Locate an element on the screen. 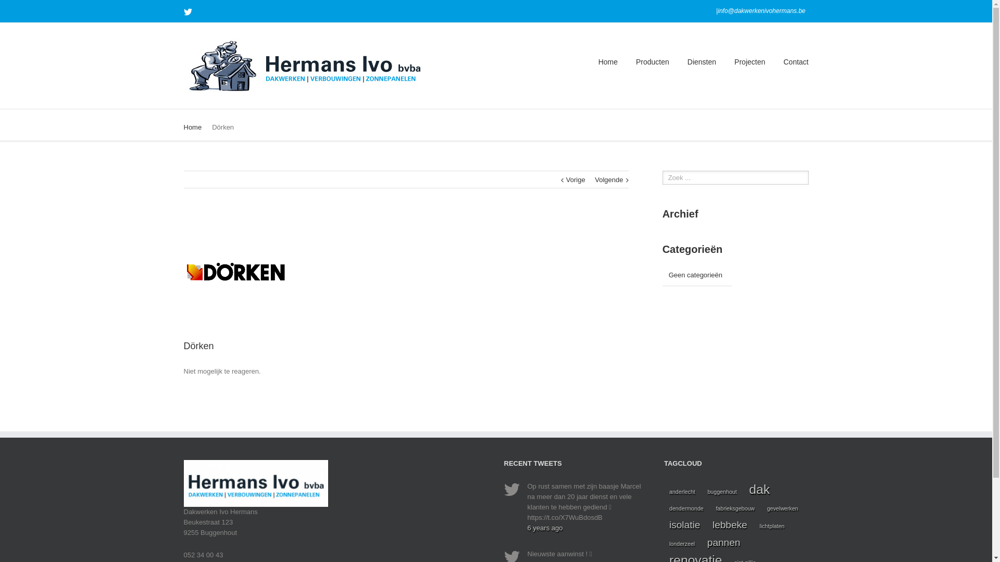 The width and height of the screenshot is (1000, 562). '6 years ago' is located at coordinates (527, 528).